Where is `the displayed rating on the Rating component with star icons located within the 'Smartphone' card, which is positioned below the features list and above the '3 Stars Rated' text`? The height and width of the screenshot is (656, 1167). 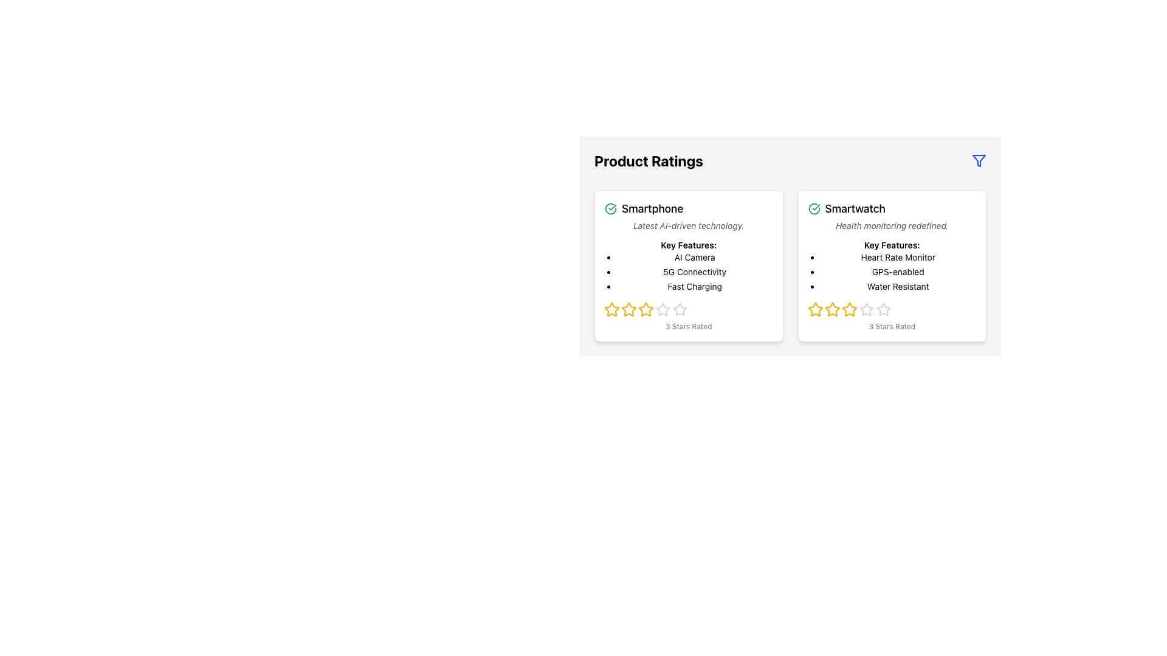 the displayed rating on the Rating component with star icons located within the 'Smartphone' card, which is positioned below the features list and above the '3 Stars Rated' text is located at coordinates (689, 309).